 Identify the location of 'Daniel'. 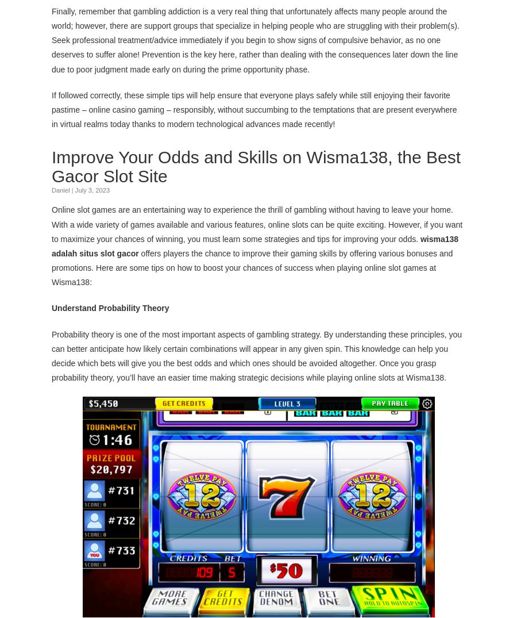
(60, 189).